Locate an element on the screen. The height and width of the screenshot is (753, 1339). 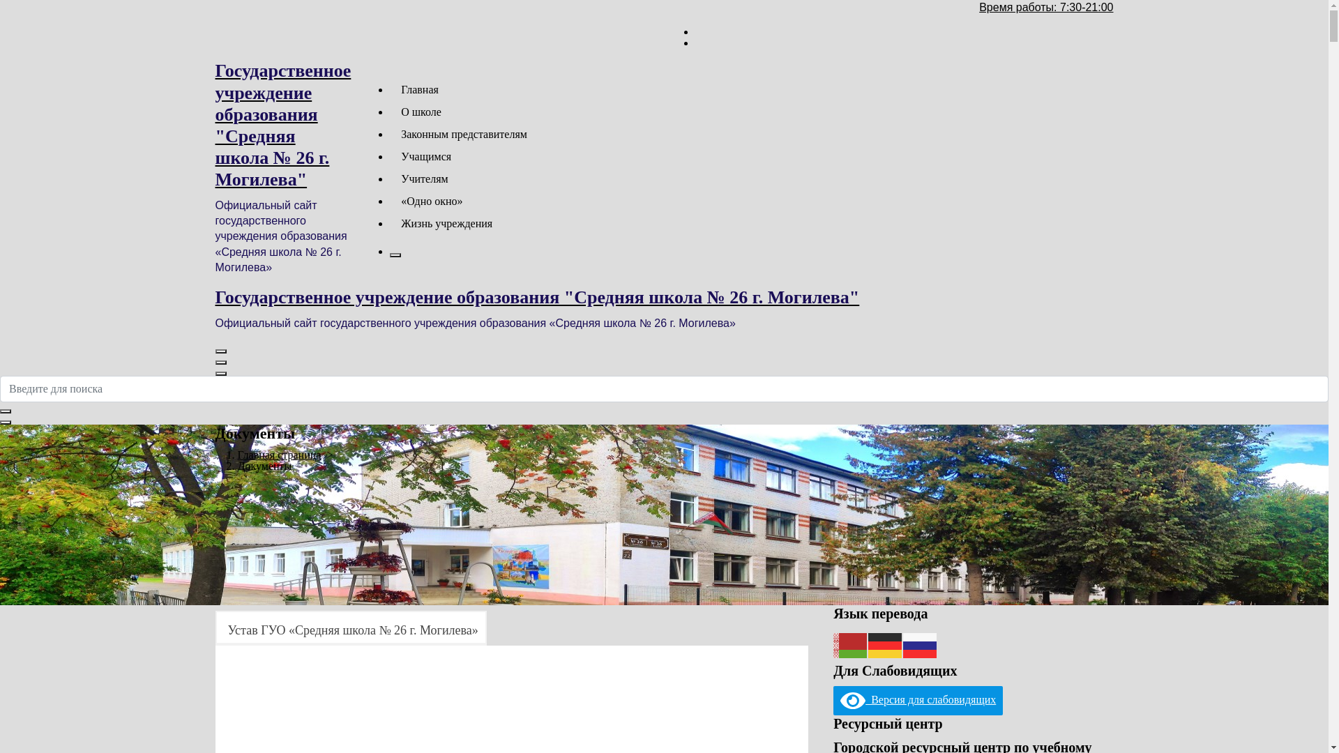
'Belarusian' is located at coordinates (833, 644).